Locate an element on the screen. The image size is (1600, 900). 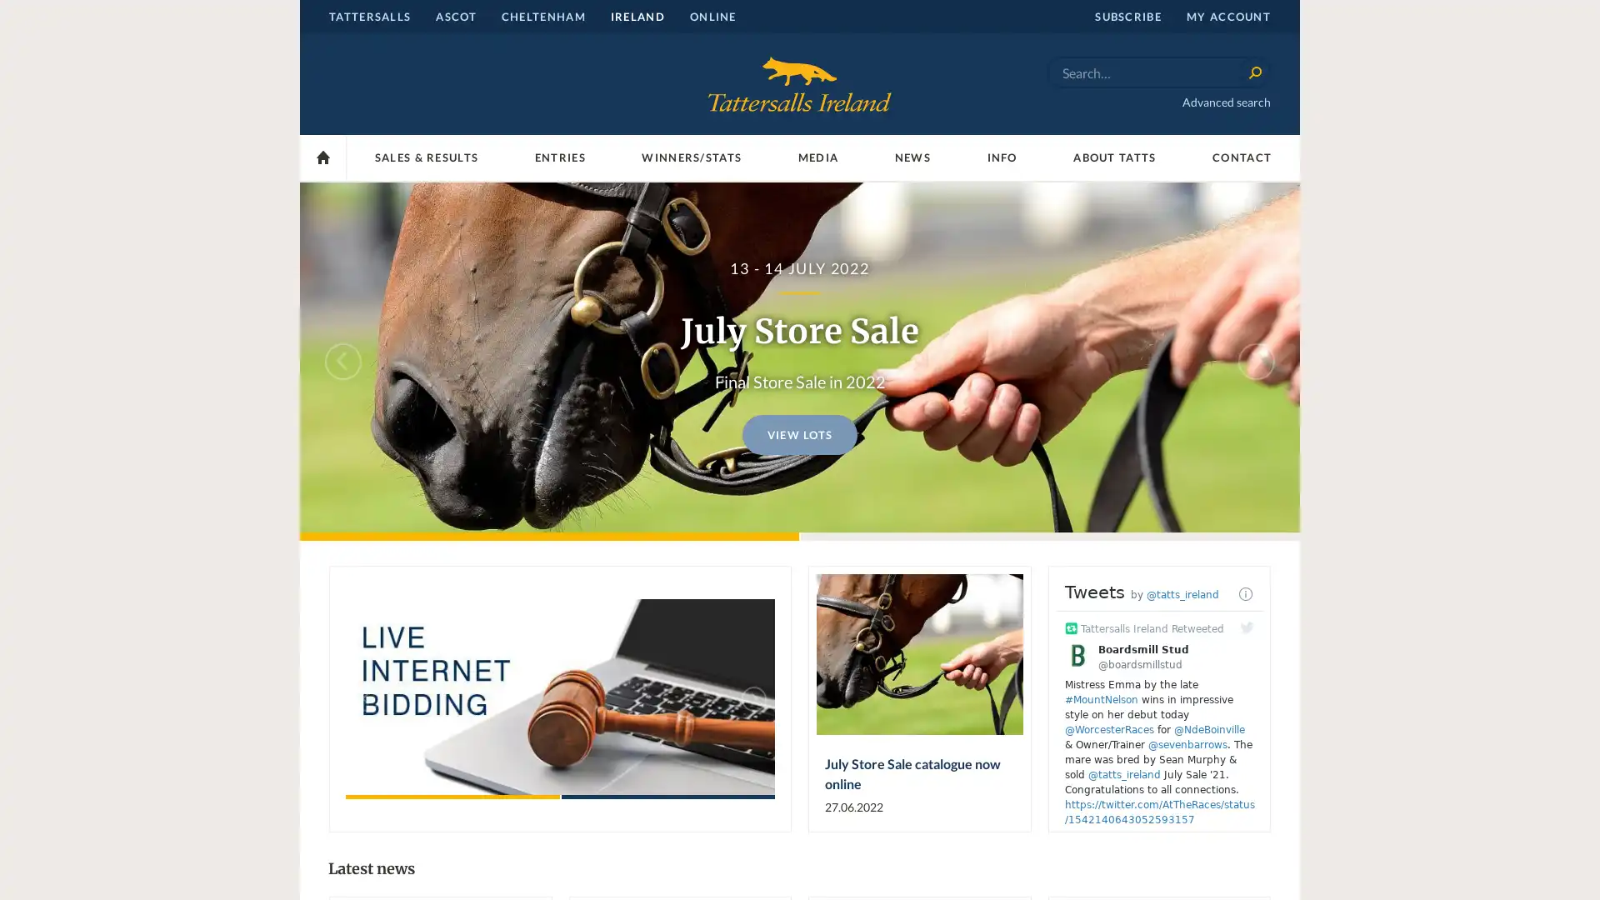
Search is located at coordinates (1255, 72).